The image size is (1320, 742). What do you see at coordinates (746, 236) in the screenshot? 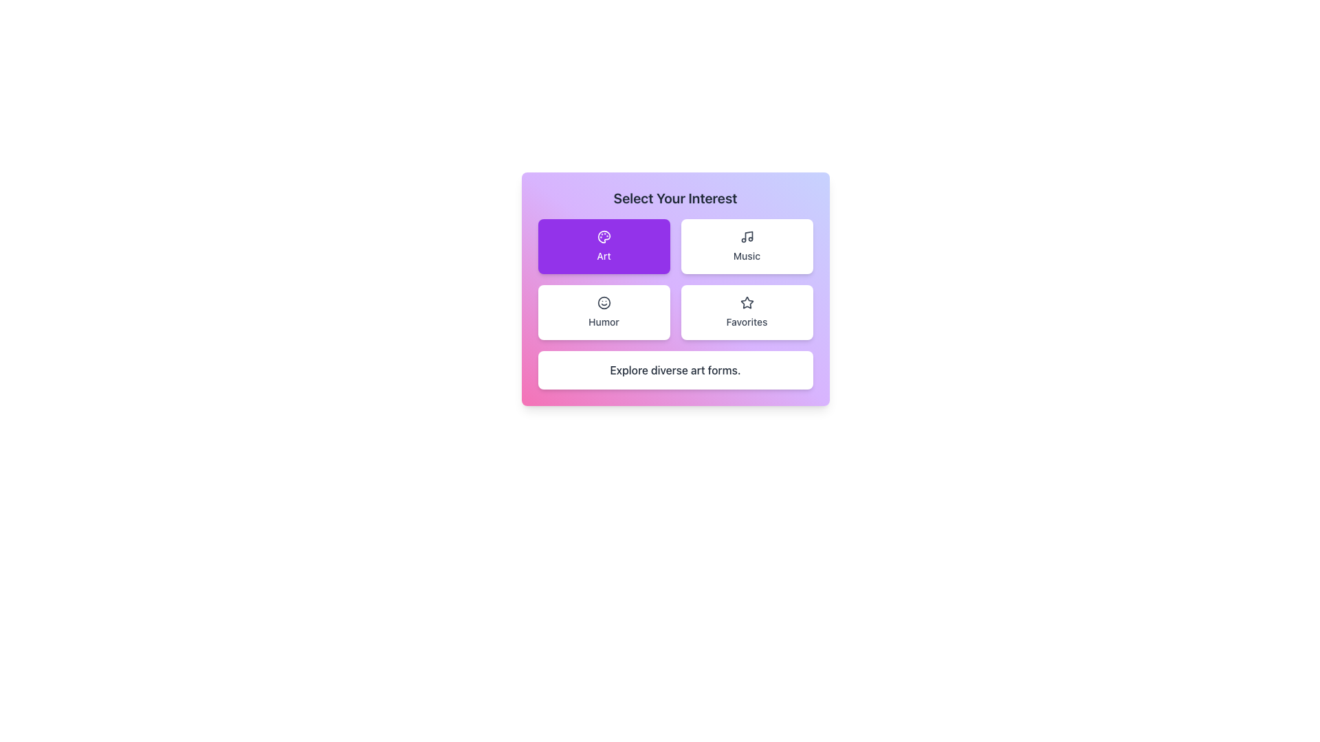
I see `the small, circular music note icon, which is located within the 'Music' button of the interest selection menu, visually styled in a dark color against a light background` at bounding box center [746, 236].